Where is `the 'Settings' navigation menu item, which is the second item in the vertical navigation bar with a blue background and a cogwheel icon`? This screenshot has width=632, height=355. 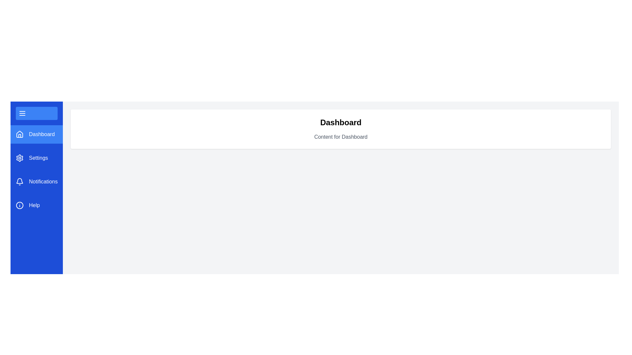 the 'Settings' navigation menu item, which is the second item in the vertical navigation bar with a blue background and a cogwheel icon is located at coordinates (36, 158).